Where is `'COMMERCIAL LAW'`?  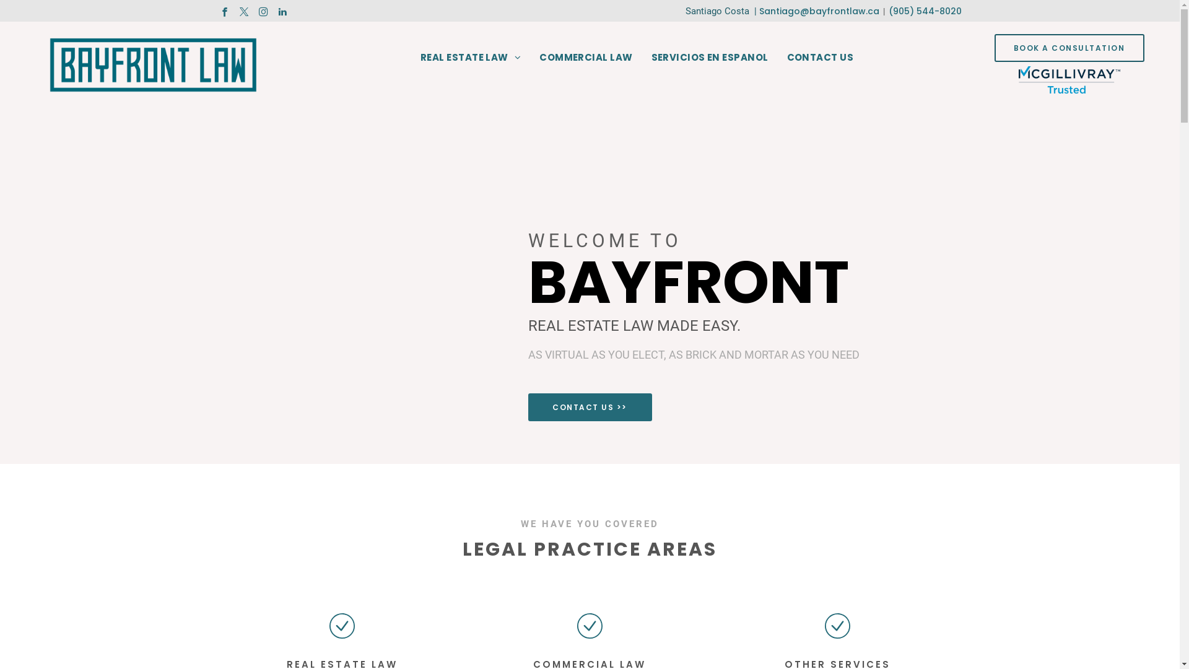
'COMMERCIAL LAW' is located at coordinates (585, 57).